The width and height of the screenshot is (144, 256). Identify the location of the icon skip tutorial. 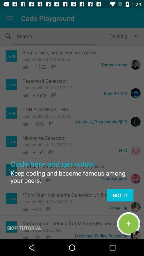
(24, 228).